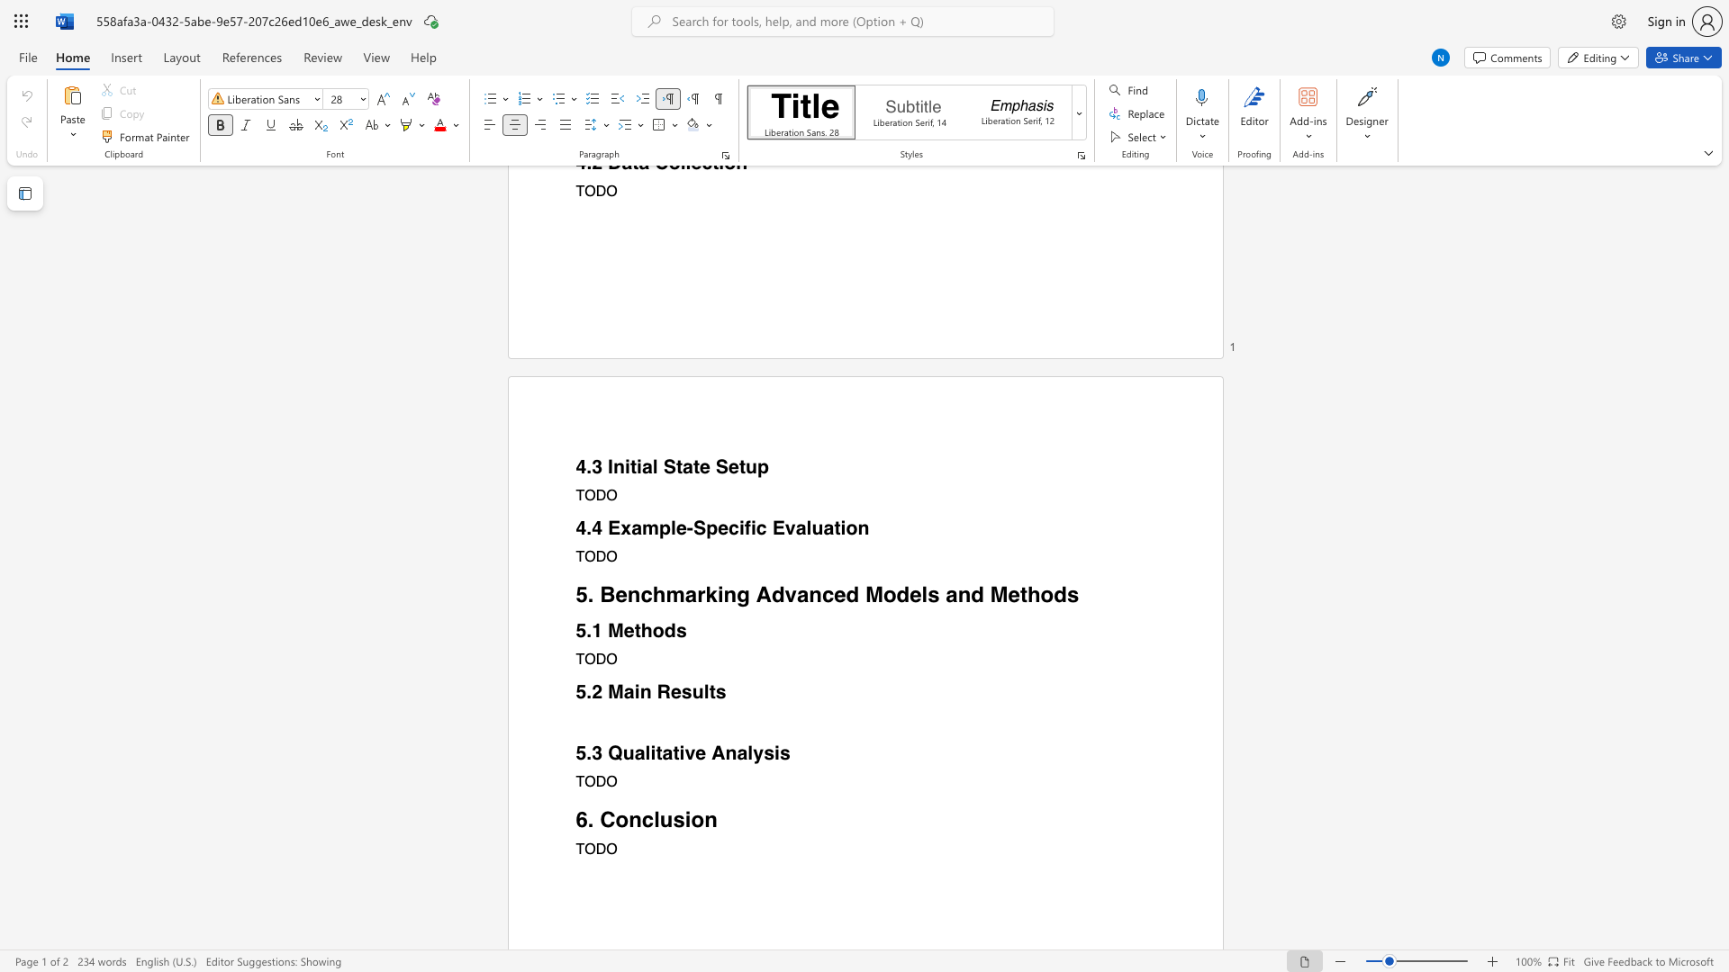 This screenshot has width=1729, height=972. What do you see at coordinates (702, 691) in the screenshot?
I see `the subset text "lt" within the text "5.2 Main Results"` at bounding box center [702, 691].